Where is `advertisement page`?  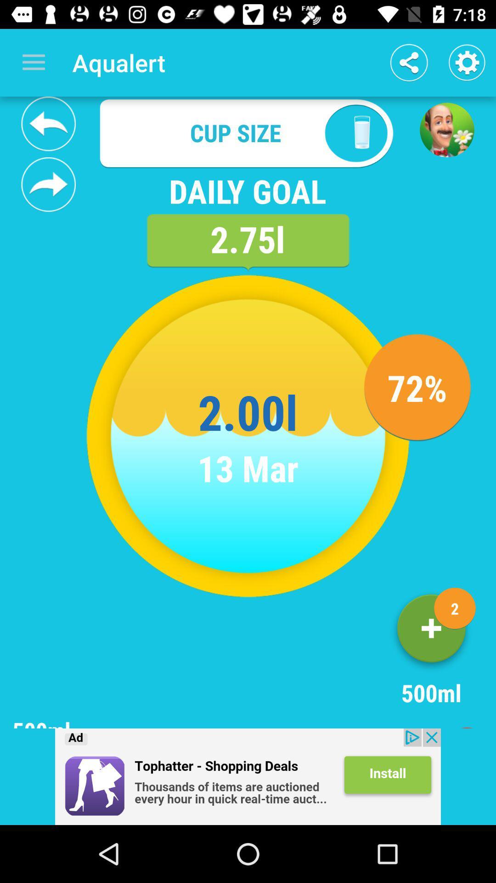 advertisement page is located at coordinates (446, 129).